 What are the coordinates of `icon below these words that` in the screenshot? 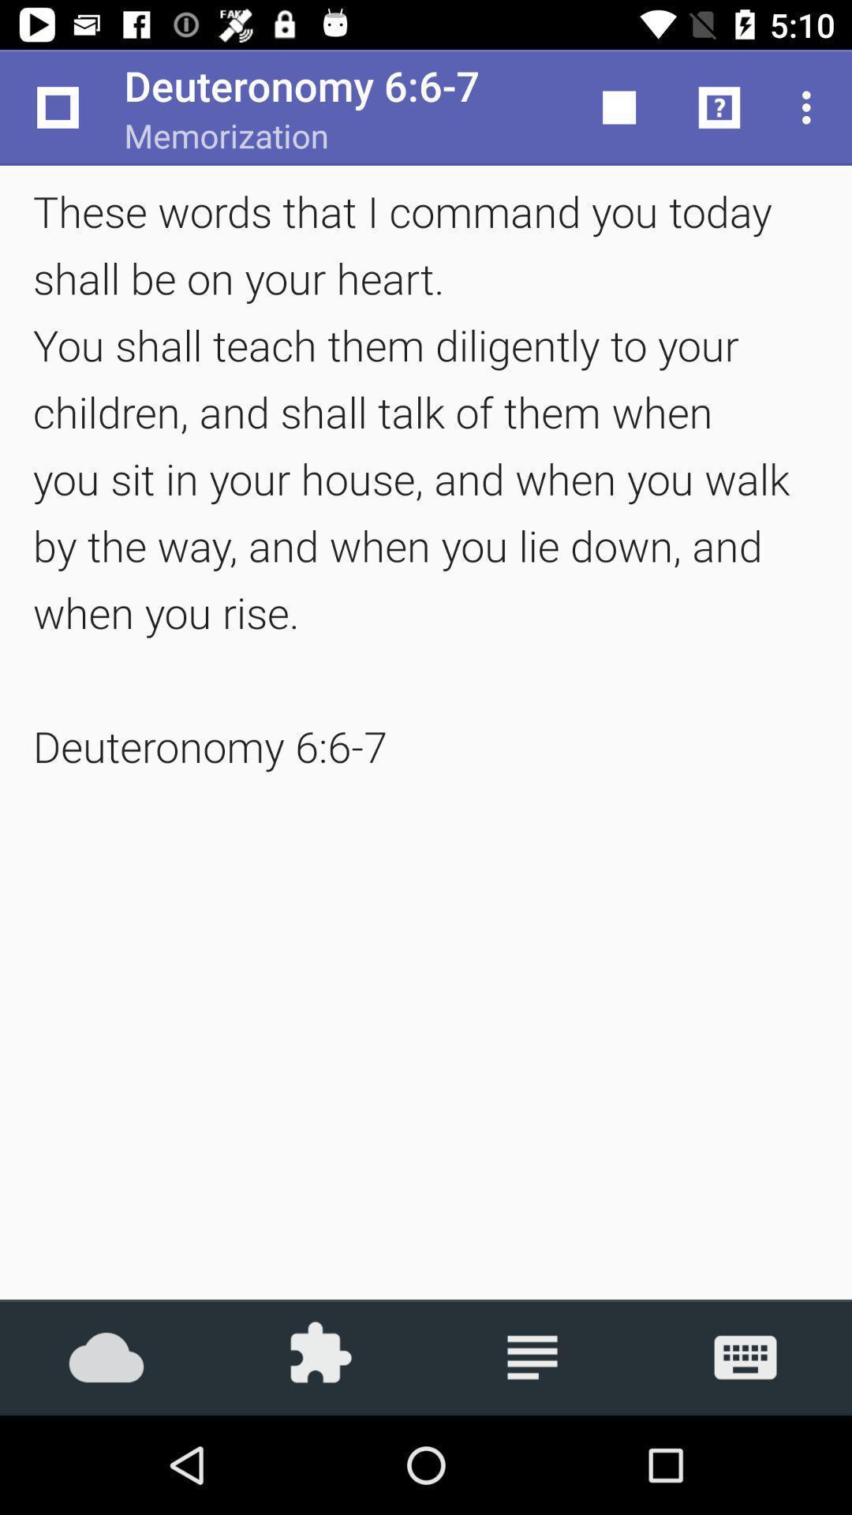 It's located at (745, 1356).